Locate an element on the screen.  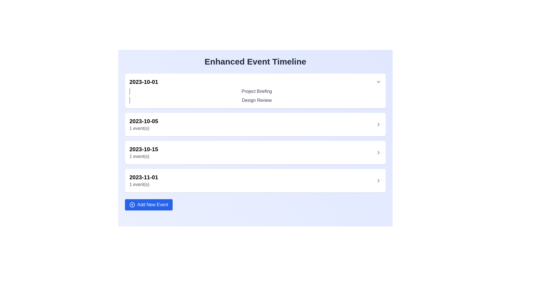
the right-oriented arrow-shaped icon representing forward actions, located in the timeline for the date '2023-10-05' is located at coordinates (378, 124).